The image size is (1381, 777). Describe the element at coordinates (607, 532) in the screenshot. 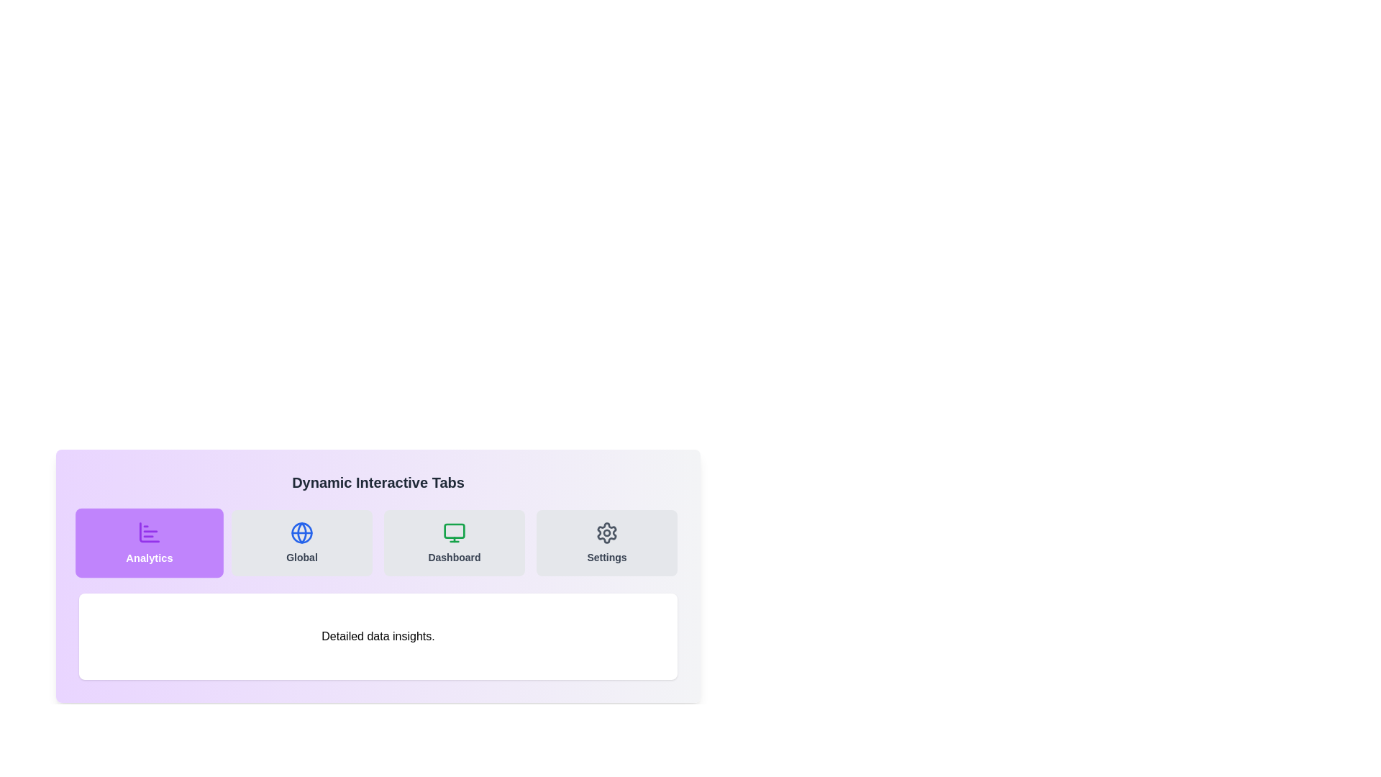

I see `the gear icon located at the far right in the top row of tabs within the 'Dynamic Interactive Tabs' section` at that location.